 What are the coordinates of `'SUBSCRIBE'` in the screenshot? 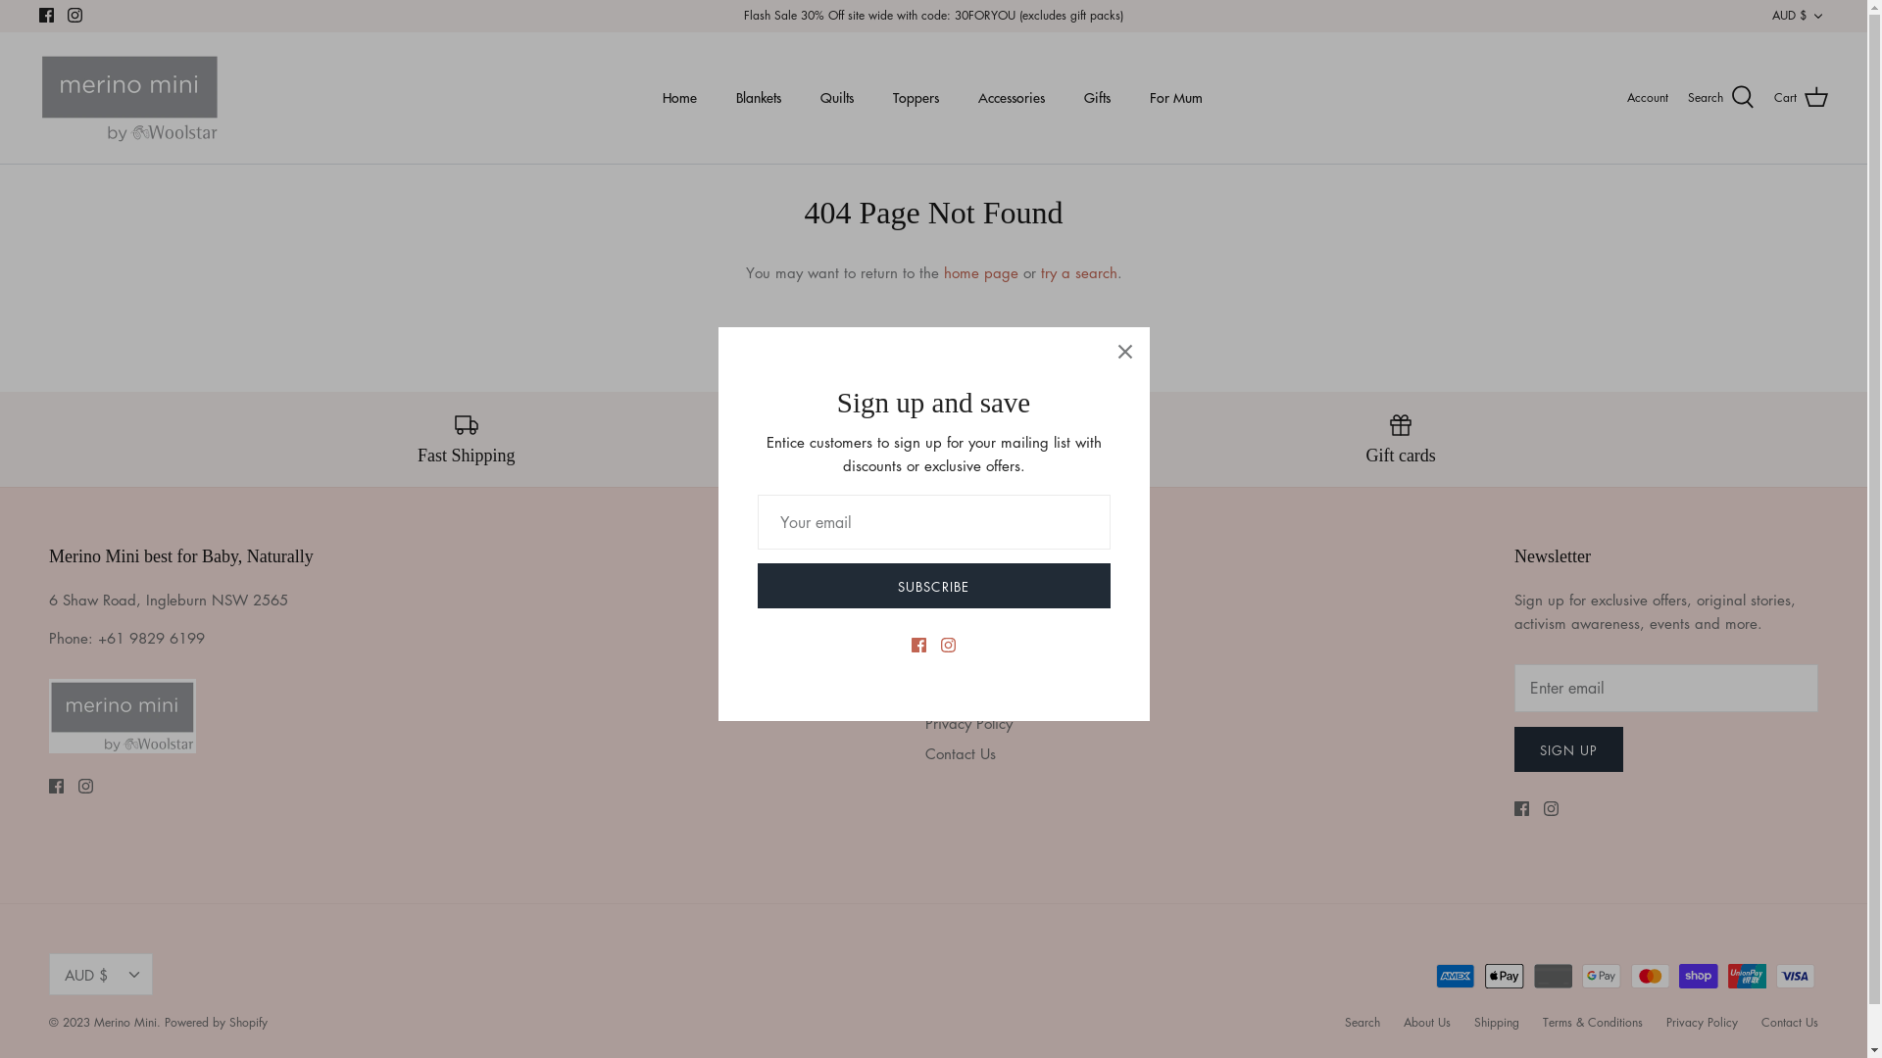 It's located at (931, 584).